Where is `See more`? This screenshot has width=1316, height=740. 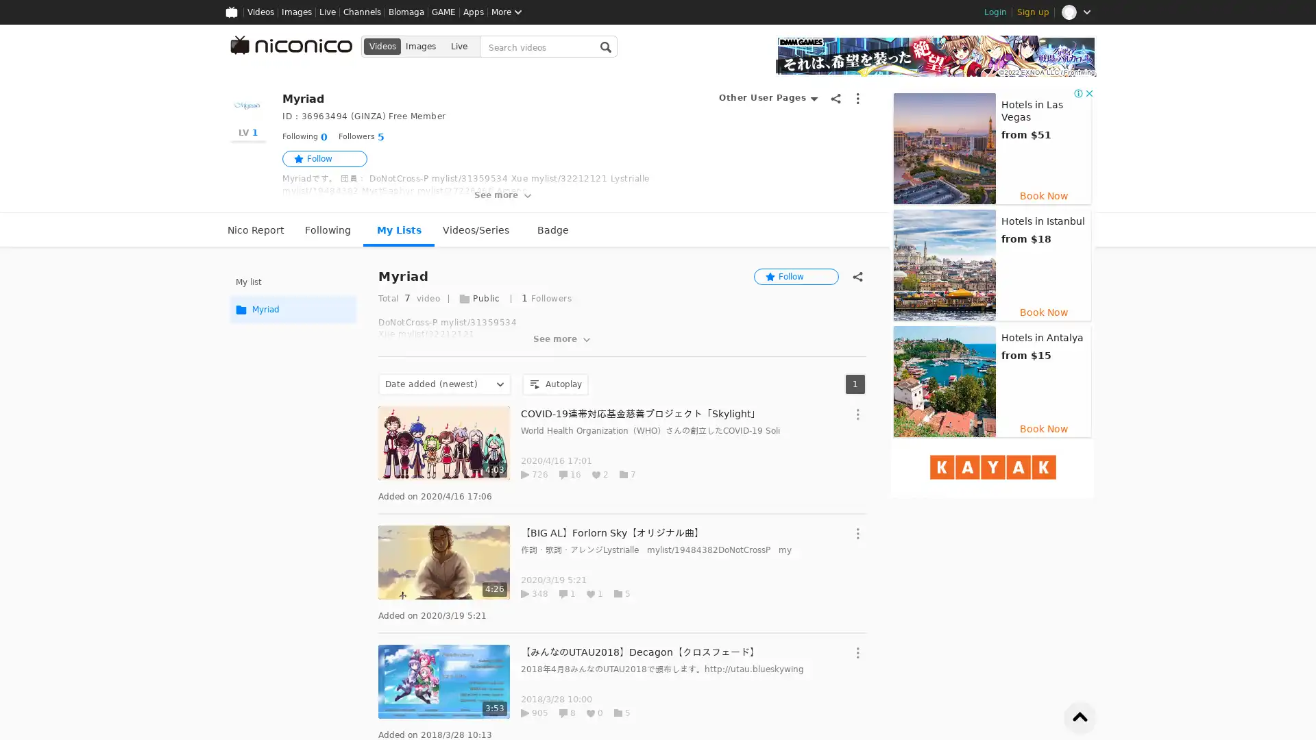
See more is located at coordinates (563, 339).